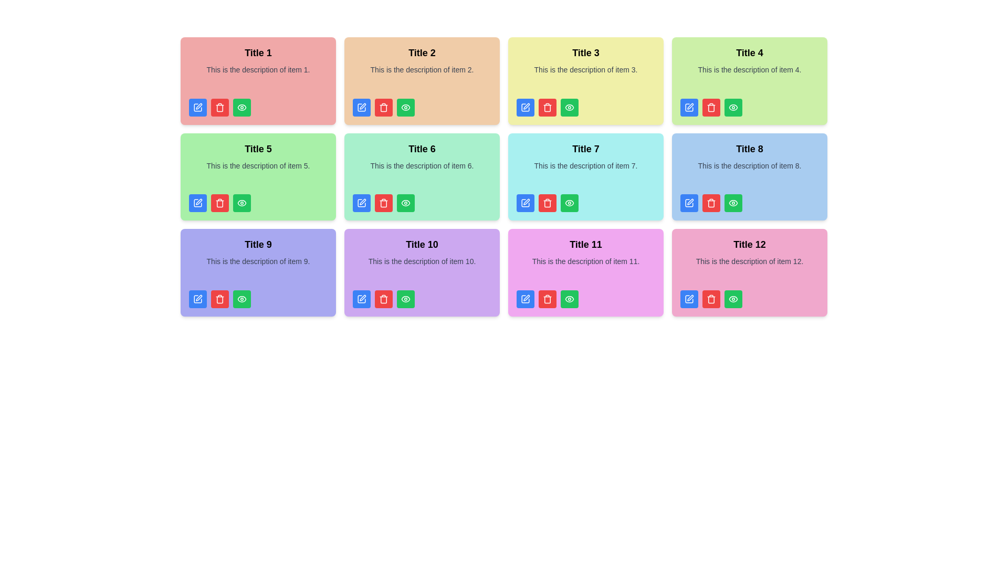  Describe the element at coordinates (241, 107) in the screenshot. I see `the button with a green background and an eye icon, located in the grid layout under 'Title 1', to observe the color change effect` at that location.